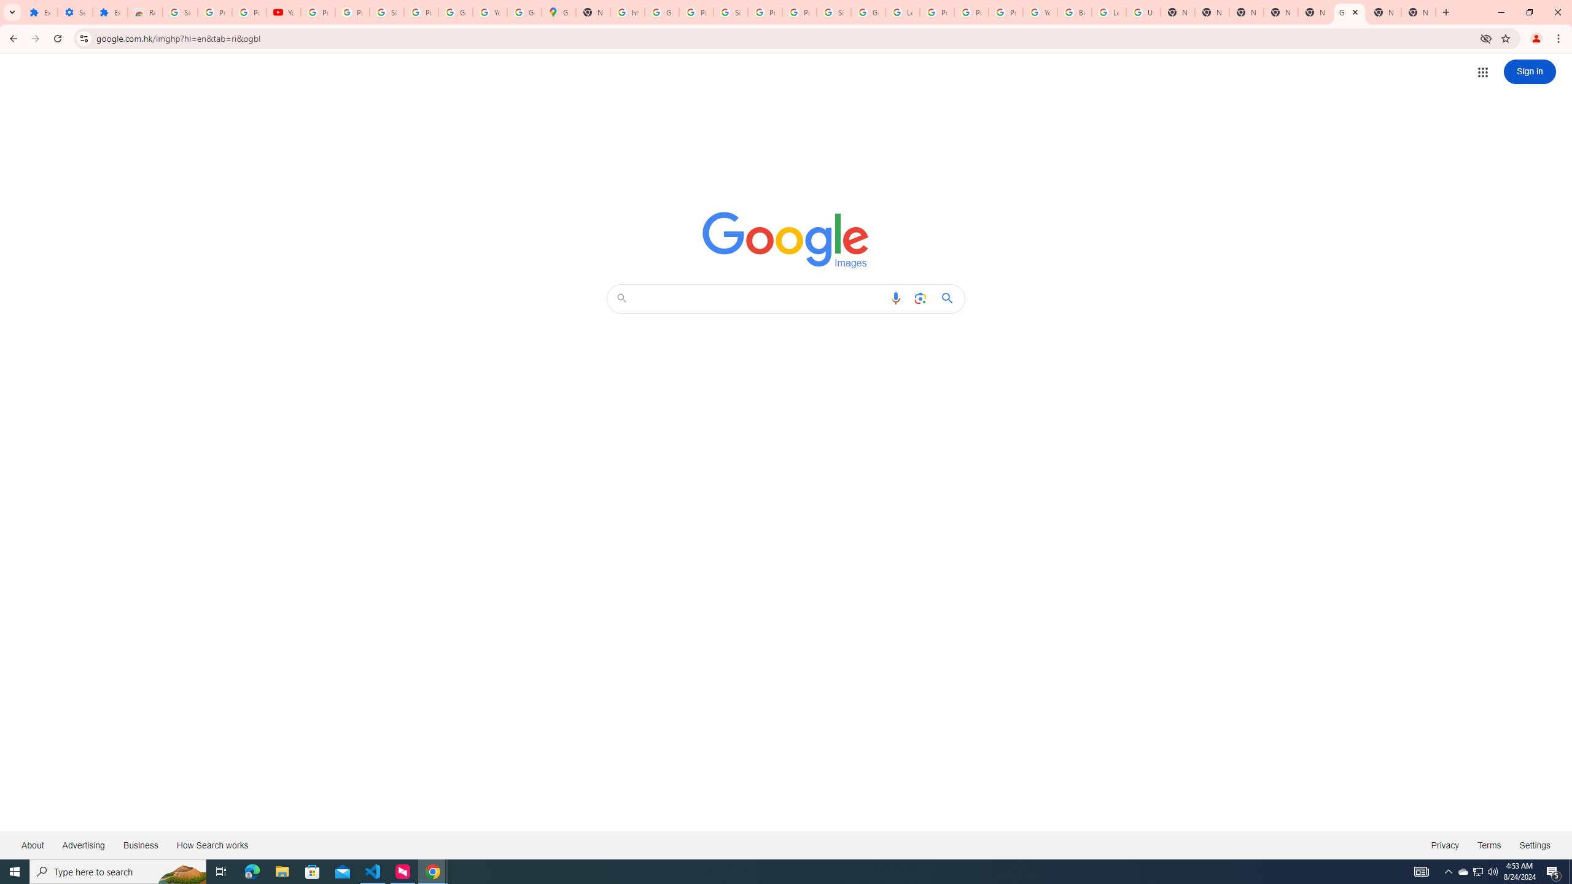  What do you see at coordinates (786, 239) in the screenshot?
I see `'Google Images'` at bounding box center [786, 239].